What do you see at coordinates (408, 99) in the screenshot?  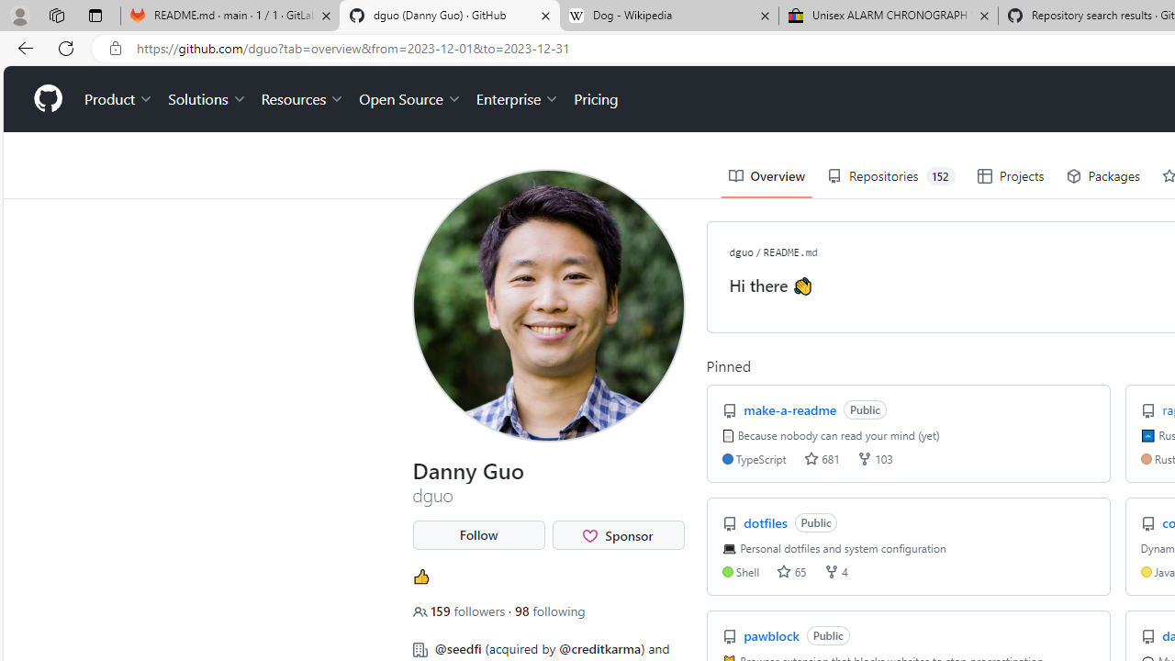 I see `'Open Source'` at bounding box center [408, 99].